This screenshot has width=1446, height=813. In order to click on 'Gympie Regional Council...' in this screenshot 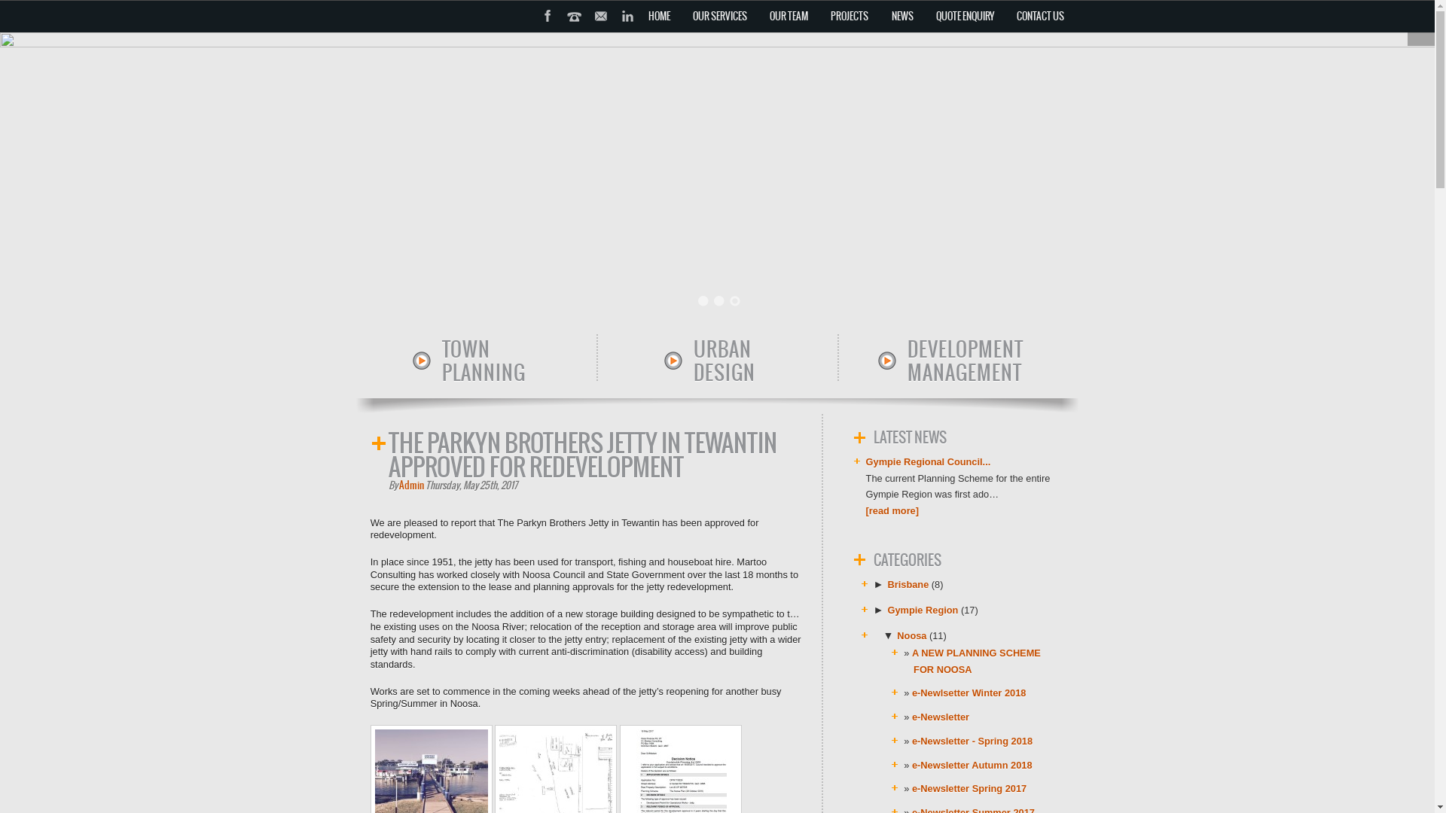, I will do `click(928, 461)`.